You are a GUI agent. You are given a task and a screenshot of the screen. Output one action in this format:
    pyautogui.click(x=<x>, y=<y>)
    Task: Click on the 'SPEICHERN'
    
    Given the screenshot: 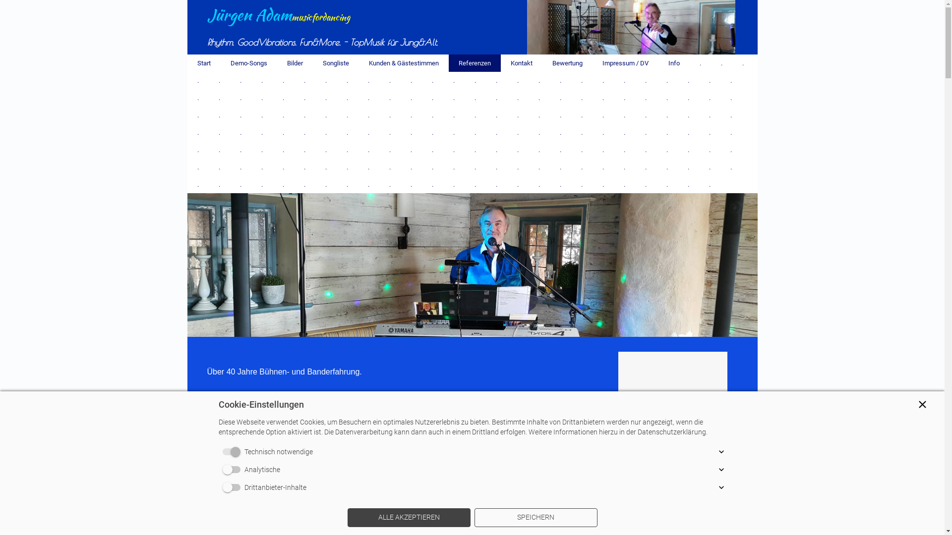 What is the action you would take?
    pyautogui.click(x=535, y=517)
    